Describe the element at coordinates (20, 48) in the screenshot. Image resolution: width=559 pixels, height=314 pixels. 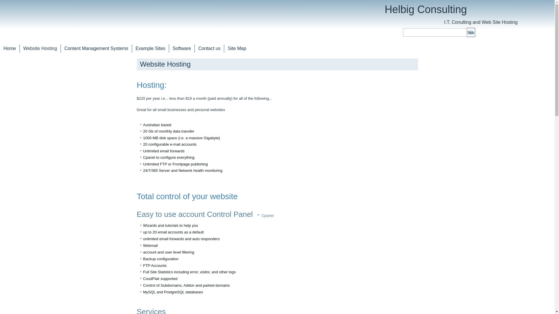
I see `'Website Hosting'` at that location.